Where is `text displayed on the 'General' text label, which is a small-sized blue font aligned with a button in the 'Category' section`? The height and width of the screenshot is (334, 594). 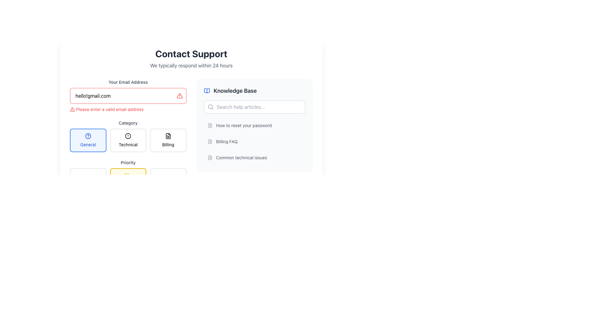 text displayed on the 'General' text label, which is a small-sized blue font aligned with a button in the 'Category' section is located at coordinates (88, 144).